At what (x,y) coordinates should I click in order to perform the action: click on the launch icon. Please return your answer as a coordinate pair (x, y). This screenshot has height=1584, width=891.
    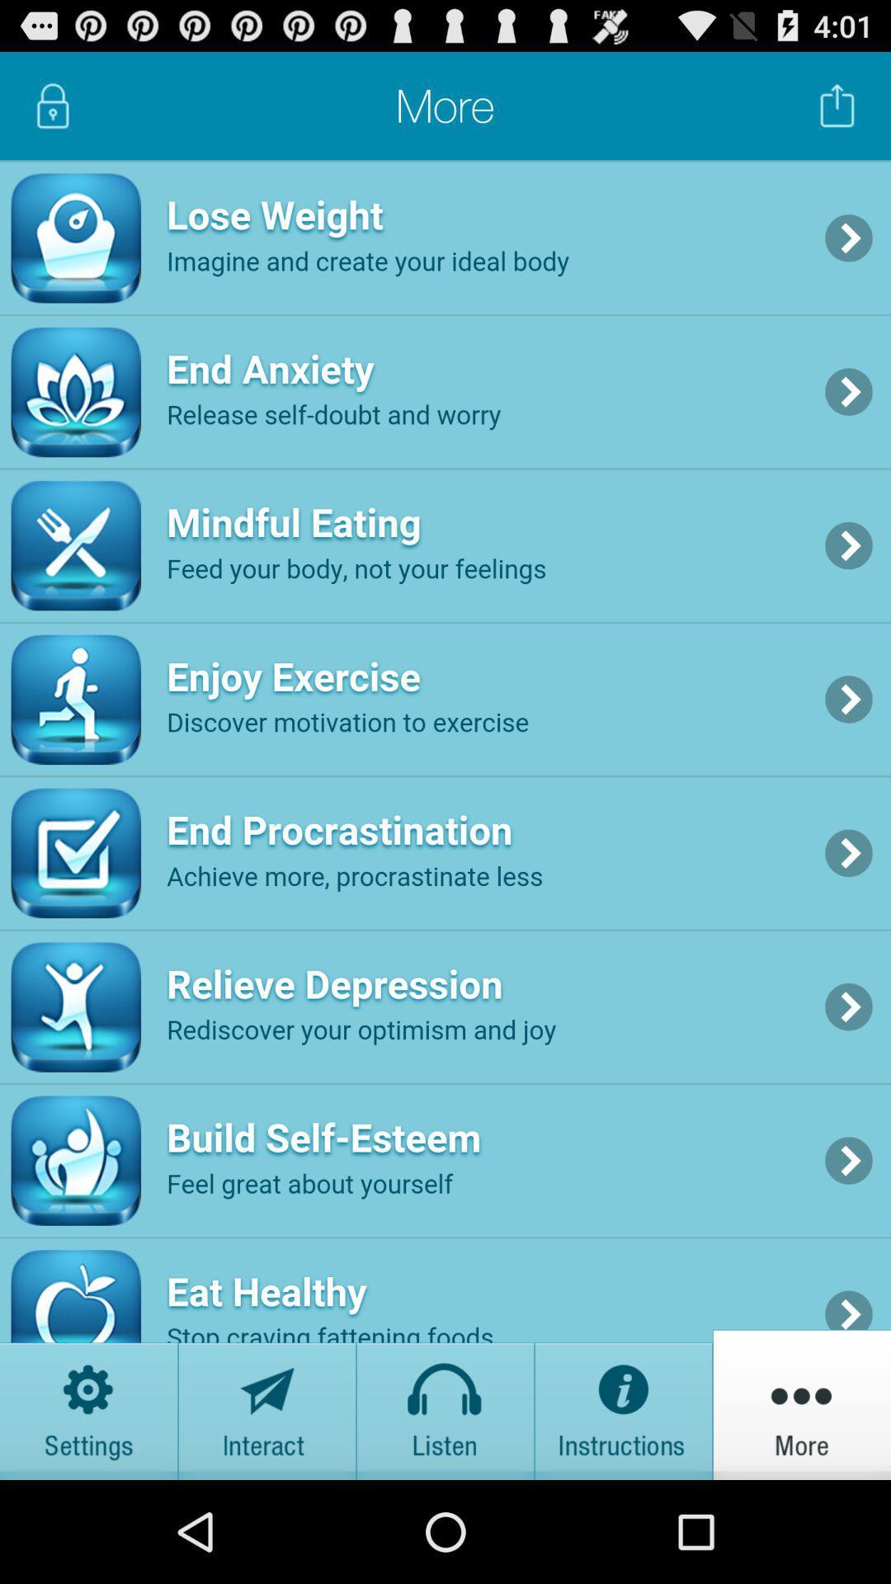
    Looking at the image, I should click on (837, 112).